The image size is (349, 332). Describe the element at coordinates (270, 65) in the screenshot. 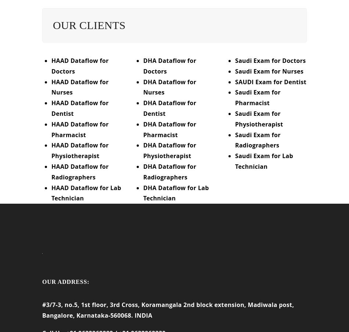

I see `'Saudi Exam for Doctors'` at that location.